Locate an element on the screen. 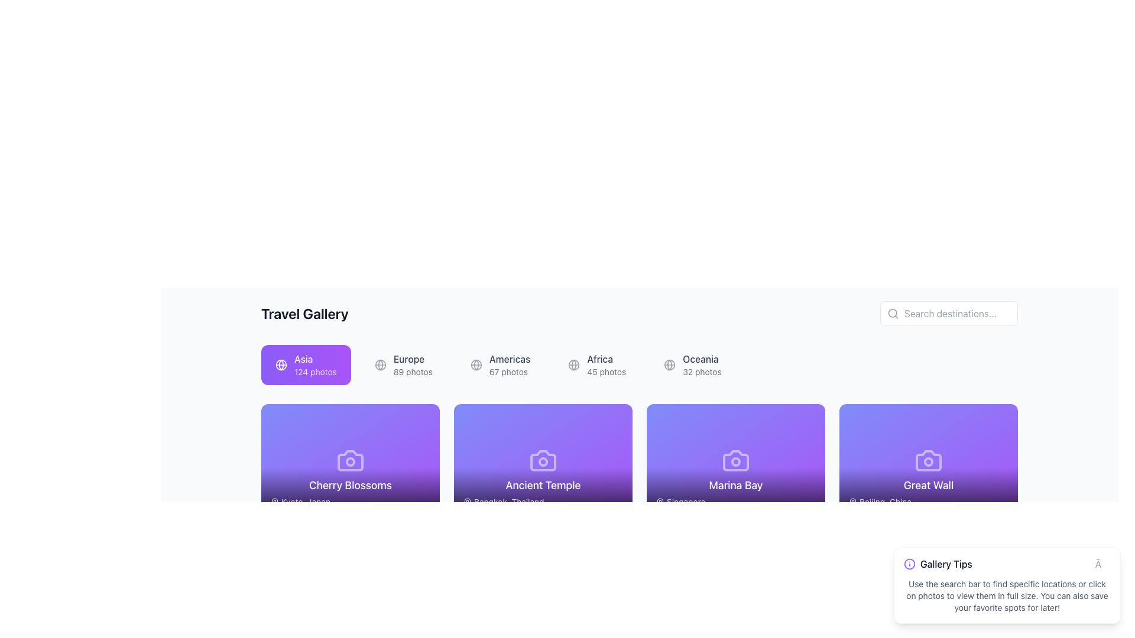 The height and width of the screenshot is (638, 1135). the decorative circle representing the planet Earth located within the globe icon next to the 'Oceania' label in the header section is located at coordinates (670, 364).